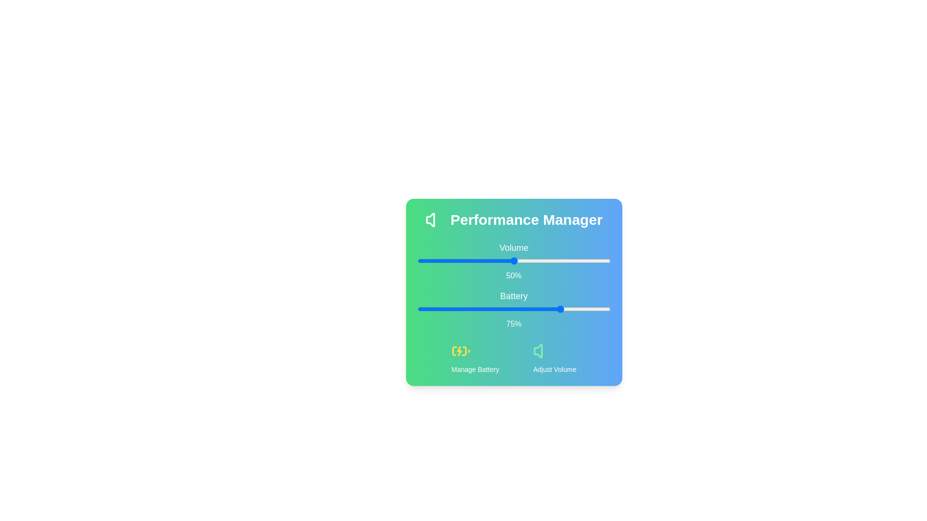 Image resolution: width=927 pixels, height=521 pixels. I want to click on the 0 slider to 4%, so click(425, 260).